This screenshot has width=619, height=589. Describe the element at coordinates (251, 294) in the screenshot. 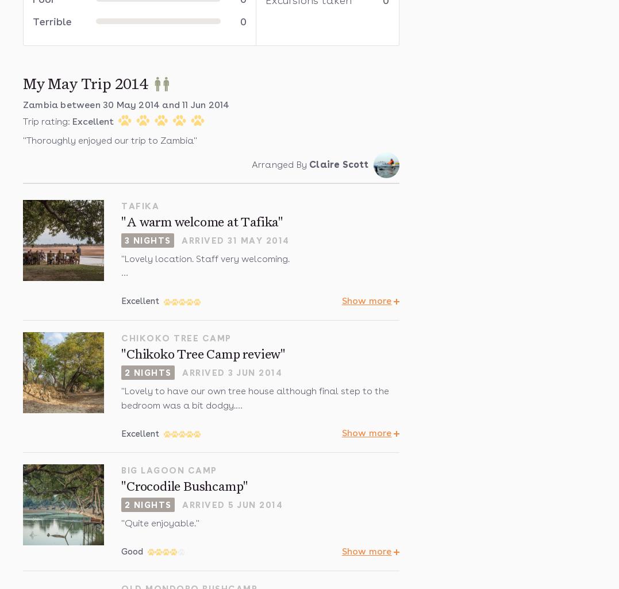

I see `'We were lucky enough to be the only guests during our stay and were well looked after."'` at that location.